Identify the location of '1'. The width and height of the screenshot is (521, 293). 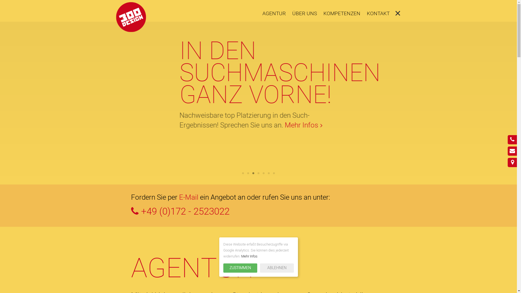
(243, 173).